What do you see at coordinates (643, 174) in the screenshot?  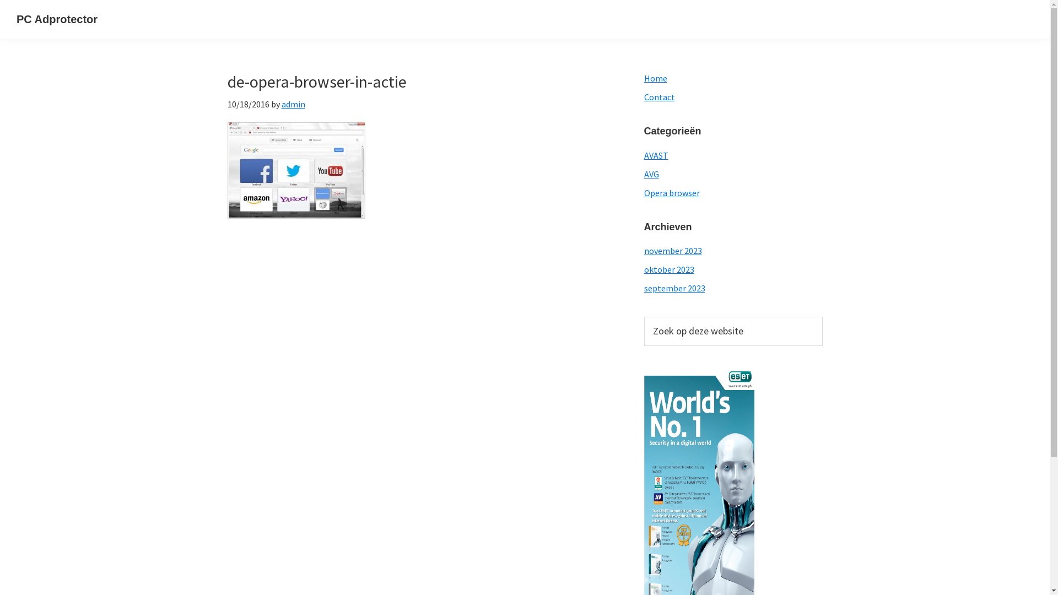 I see `'AVG'` at bounding box center [643, 174].